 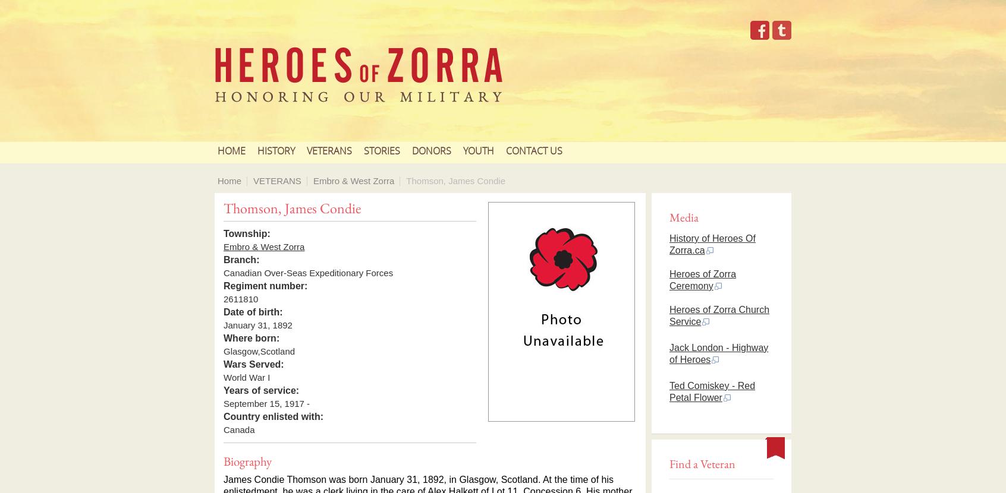 What do you see at coordinates (273, 416) in the screenshot?
I see `'Country enlisted with:'` at bounding box center [273, 416].